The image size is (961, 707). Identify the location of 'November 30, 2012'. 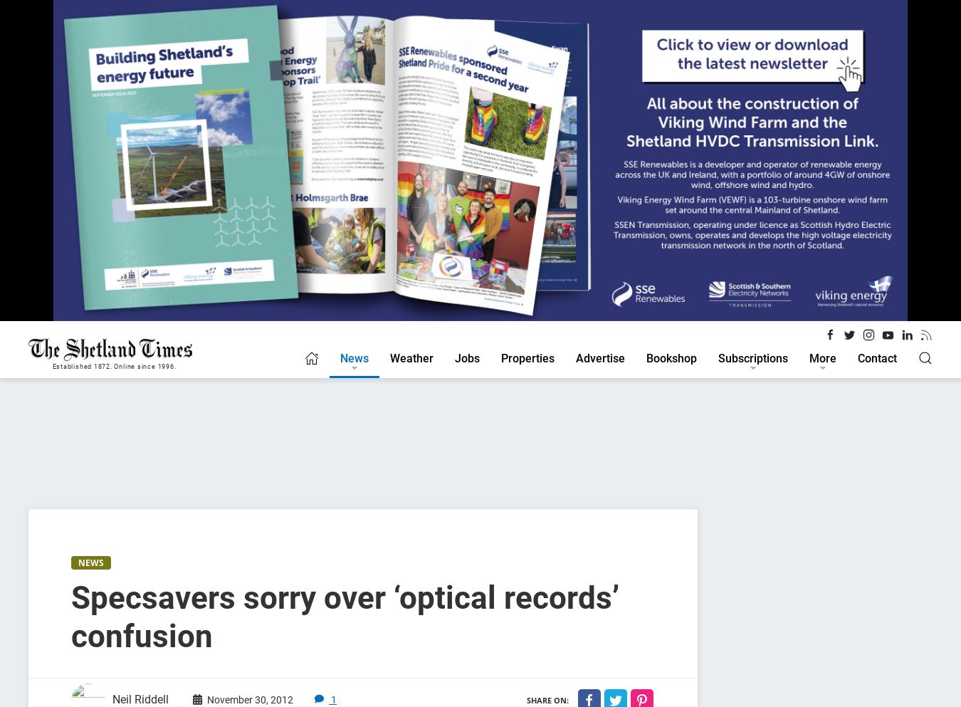
(250, 698).